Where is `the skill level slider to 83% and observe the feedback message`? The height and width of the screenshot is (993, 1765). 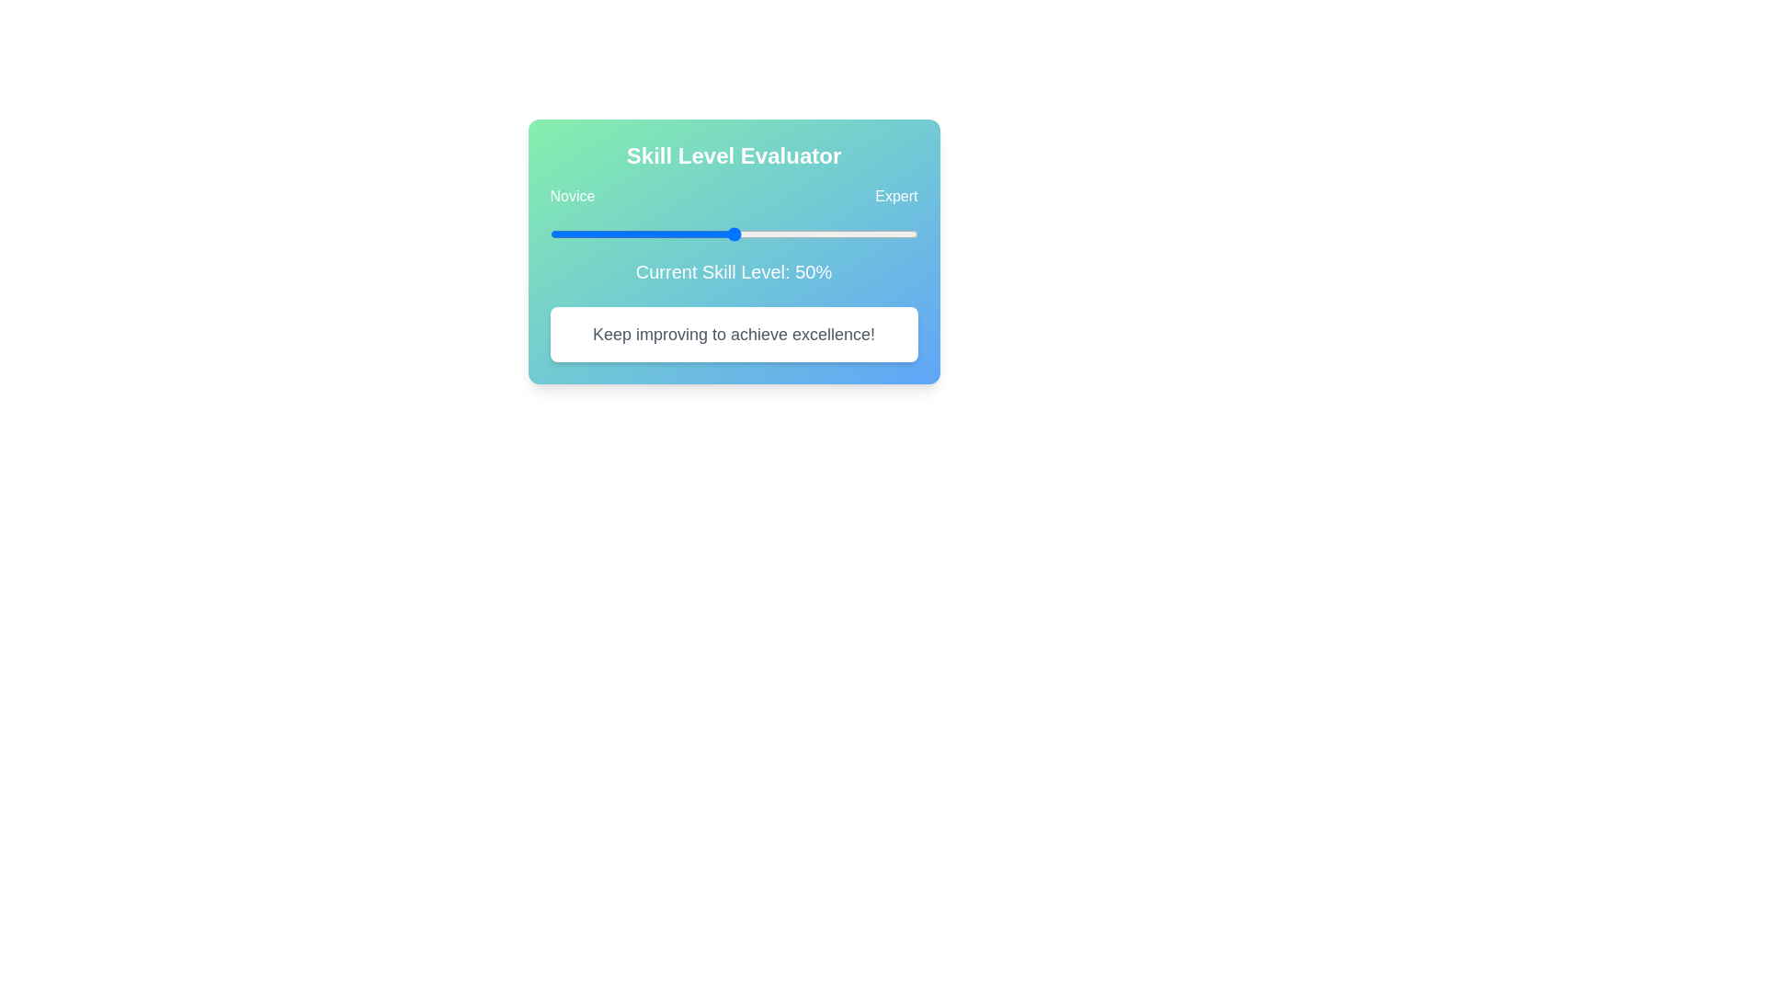 the skill level slider to 83% and observe the feedback message is located at coordinates (854, 233).